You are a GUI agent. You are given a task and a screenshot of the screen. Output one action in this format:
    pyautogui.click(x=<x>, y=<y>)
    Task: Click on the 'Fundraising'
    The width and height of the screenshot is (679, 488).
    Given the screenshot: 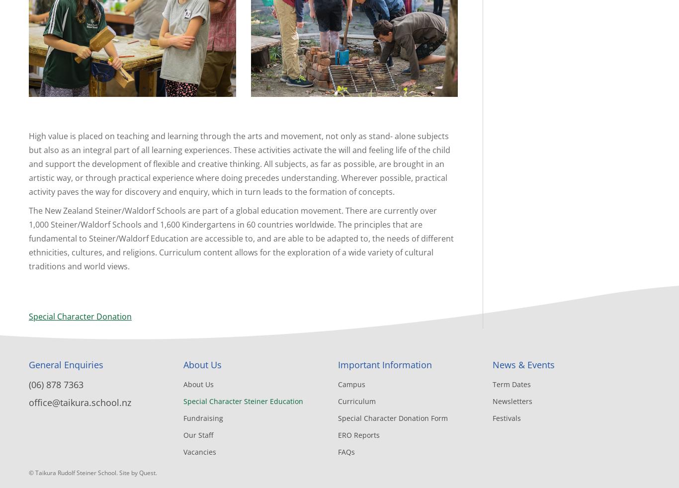 What is the action you would take?
    pyautogui.click(x=202, y=418)
    